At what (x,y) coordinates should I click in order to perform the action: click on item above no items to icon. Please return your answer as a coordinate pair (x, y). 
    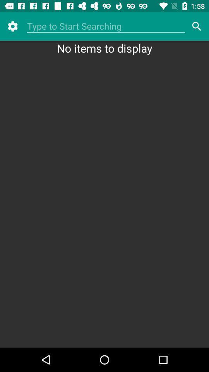
    Looking at the image, I should click on (105, 26).